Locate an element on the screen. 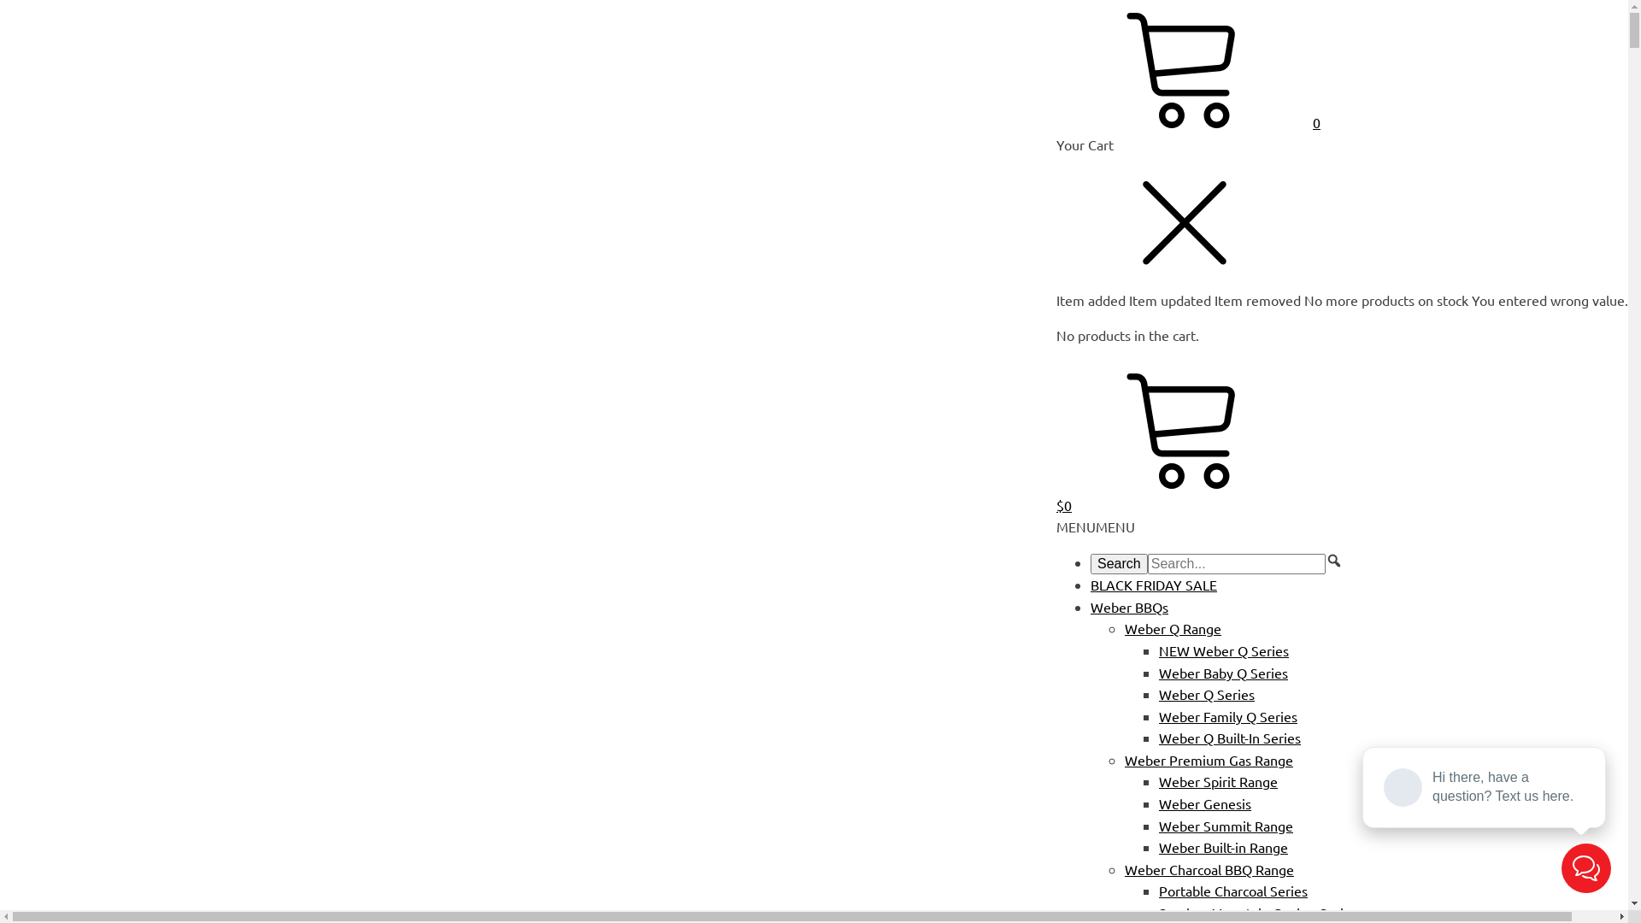  'Weber Premium Gas Range' is located at coordinates (1208, 758).